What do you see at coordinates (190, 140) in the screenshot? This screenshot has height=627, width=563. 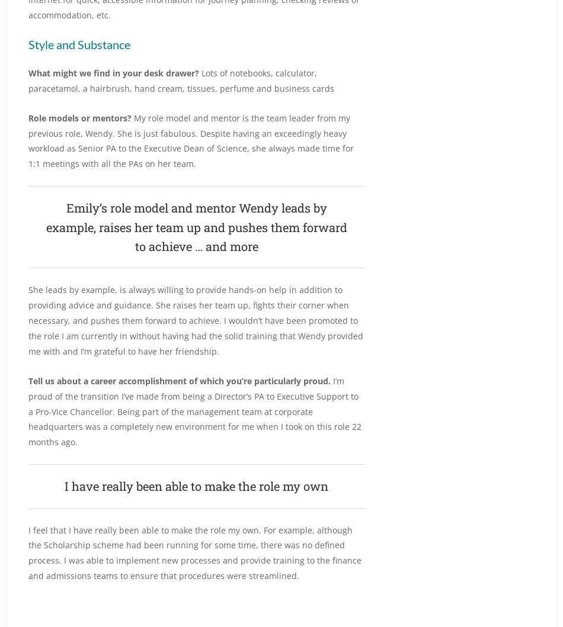 I see `'My role model and mentor is the team leader from my previous role, Wendy. She is just fabulous. Despite having an exceedingly heavy workload as Senior PA to the Executive Dean of Science, she always made time for 1:1 meetings with all the PAs on her team.'` at bounding box center [190, 140].